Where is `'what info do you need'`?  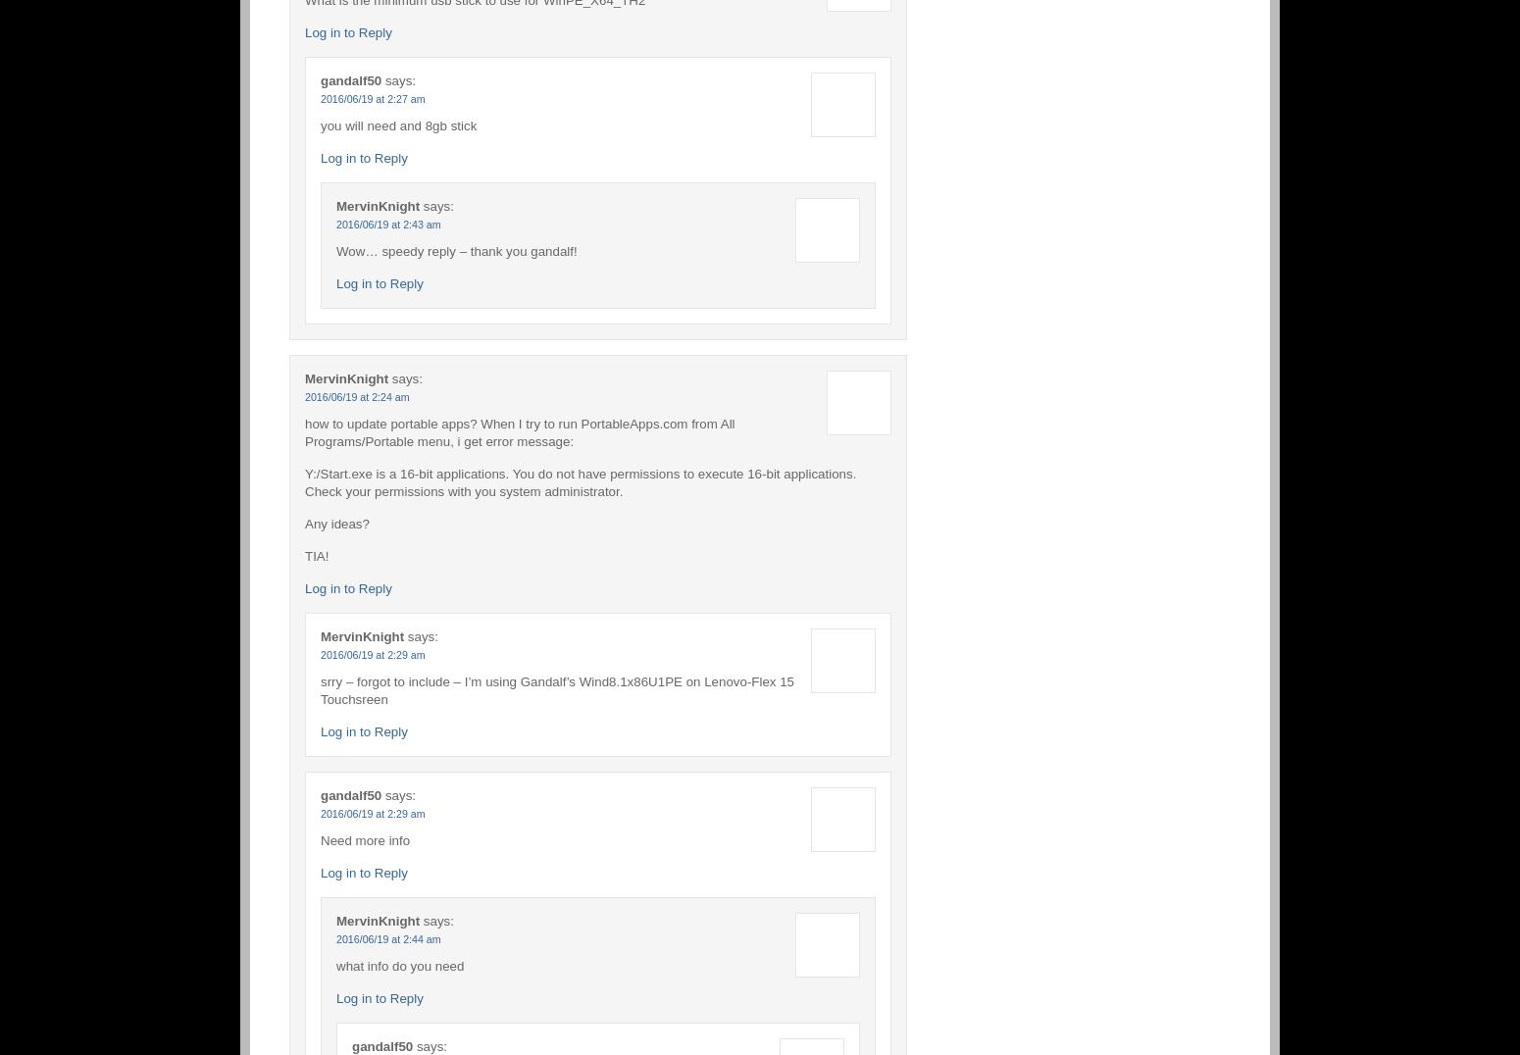 'what info do you need' is located at coordinates (399, 965).